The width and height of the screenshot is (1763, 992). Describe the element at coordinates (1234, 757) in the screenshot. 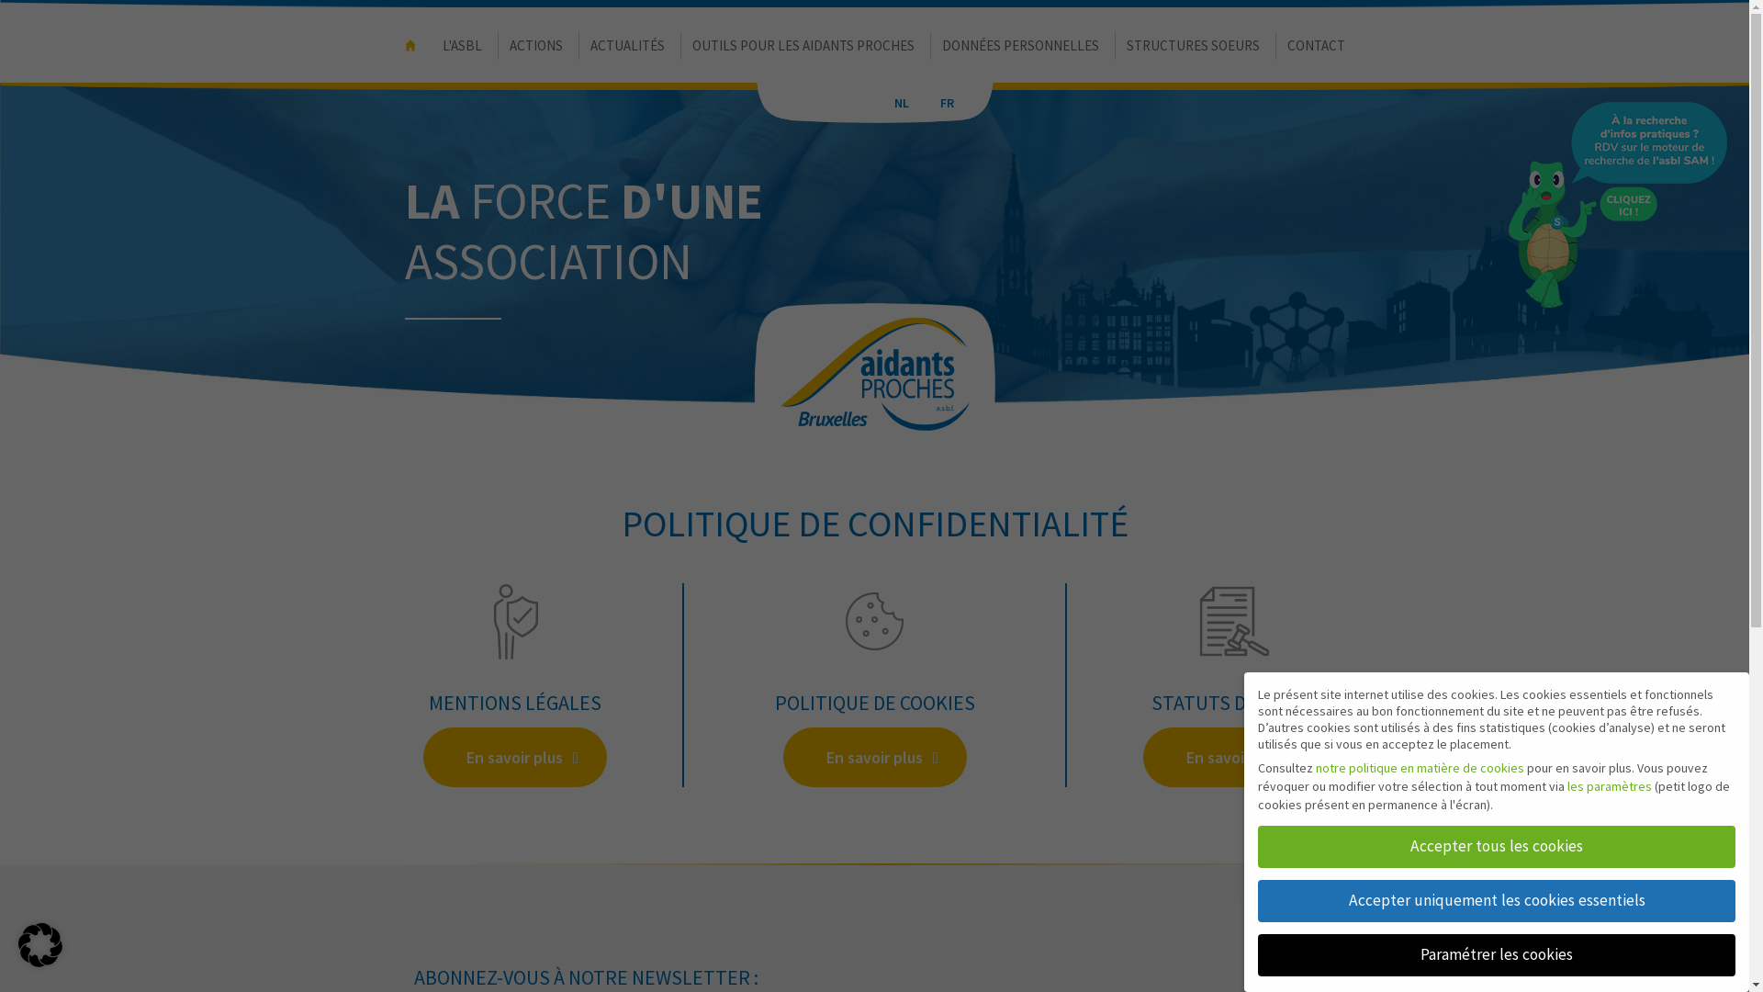

I see `'En savoir plus'` at that location.